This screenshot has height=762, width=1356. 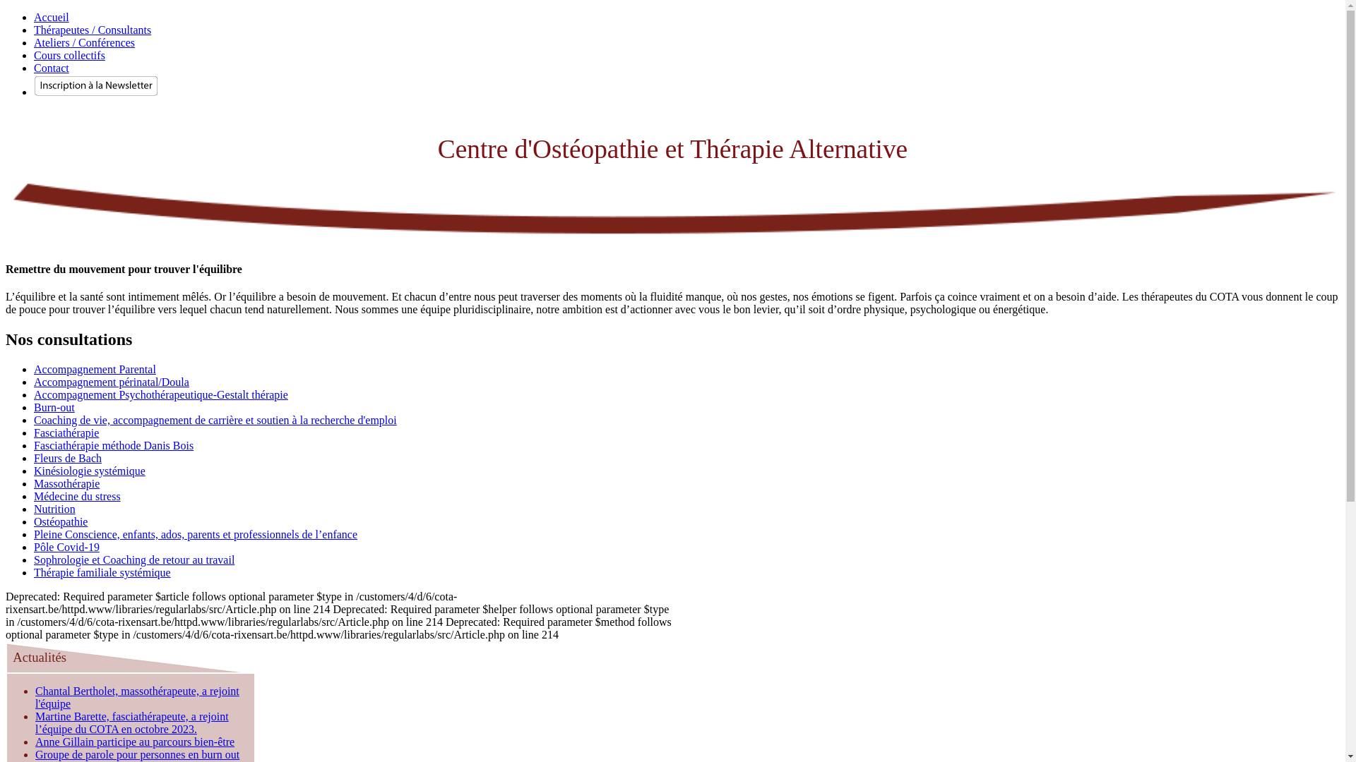 I want to click on 'Fleurs de Bach', so click(x=67, y=458).